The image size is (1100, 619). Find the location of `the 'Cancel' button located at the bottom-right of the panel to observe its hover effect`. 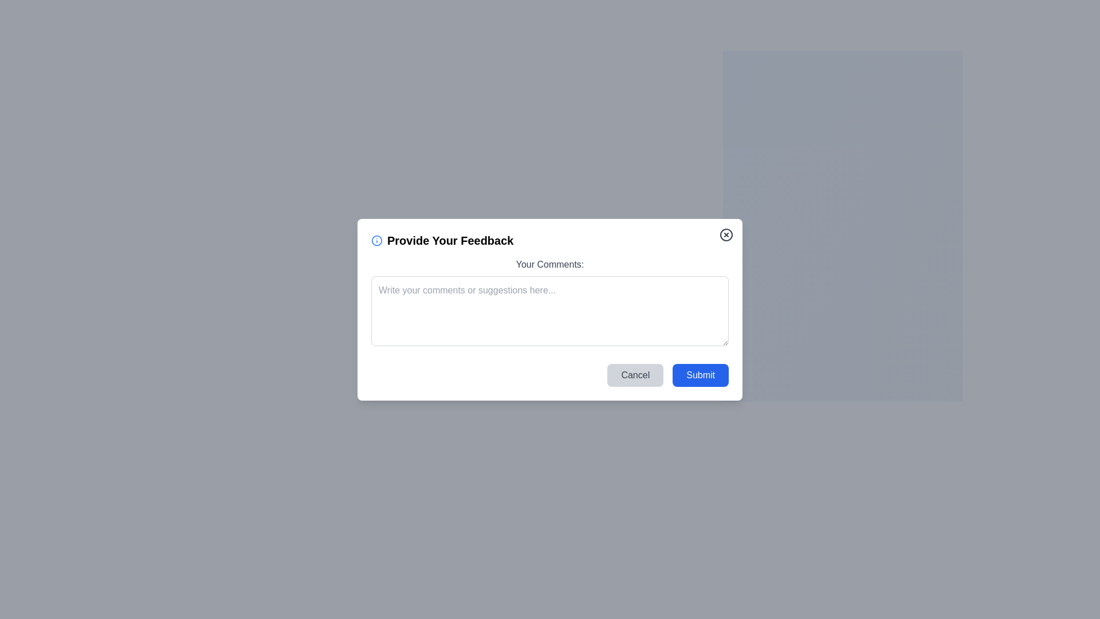

the 'Cancel' button located at the bottom-right of the panel to observe its hover effect is located at coordinates (635, 375).